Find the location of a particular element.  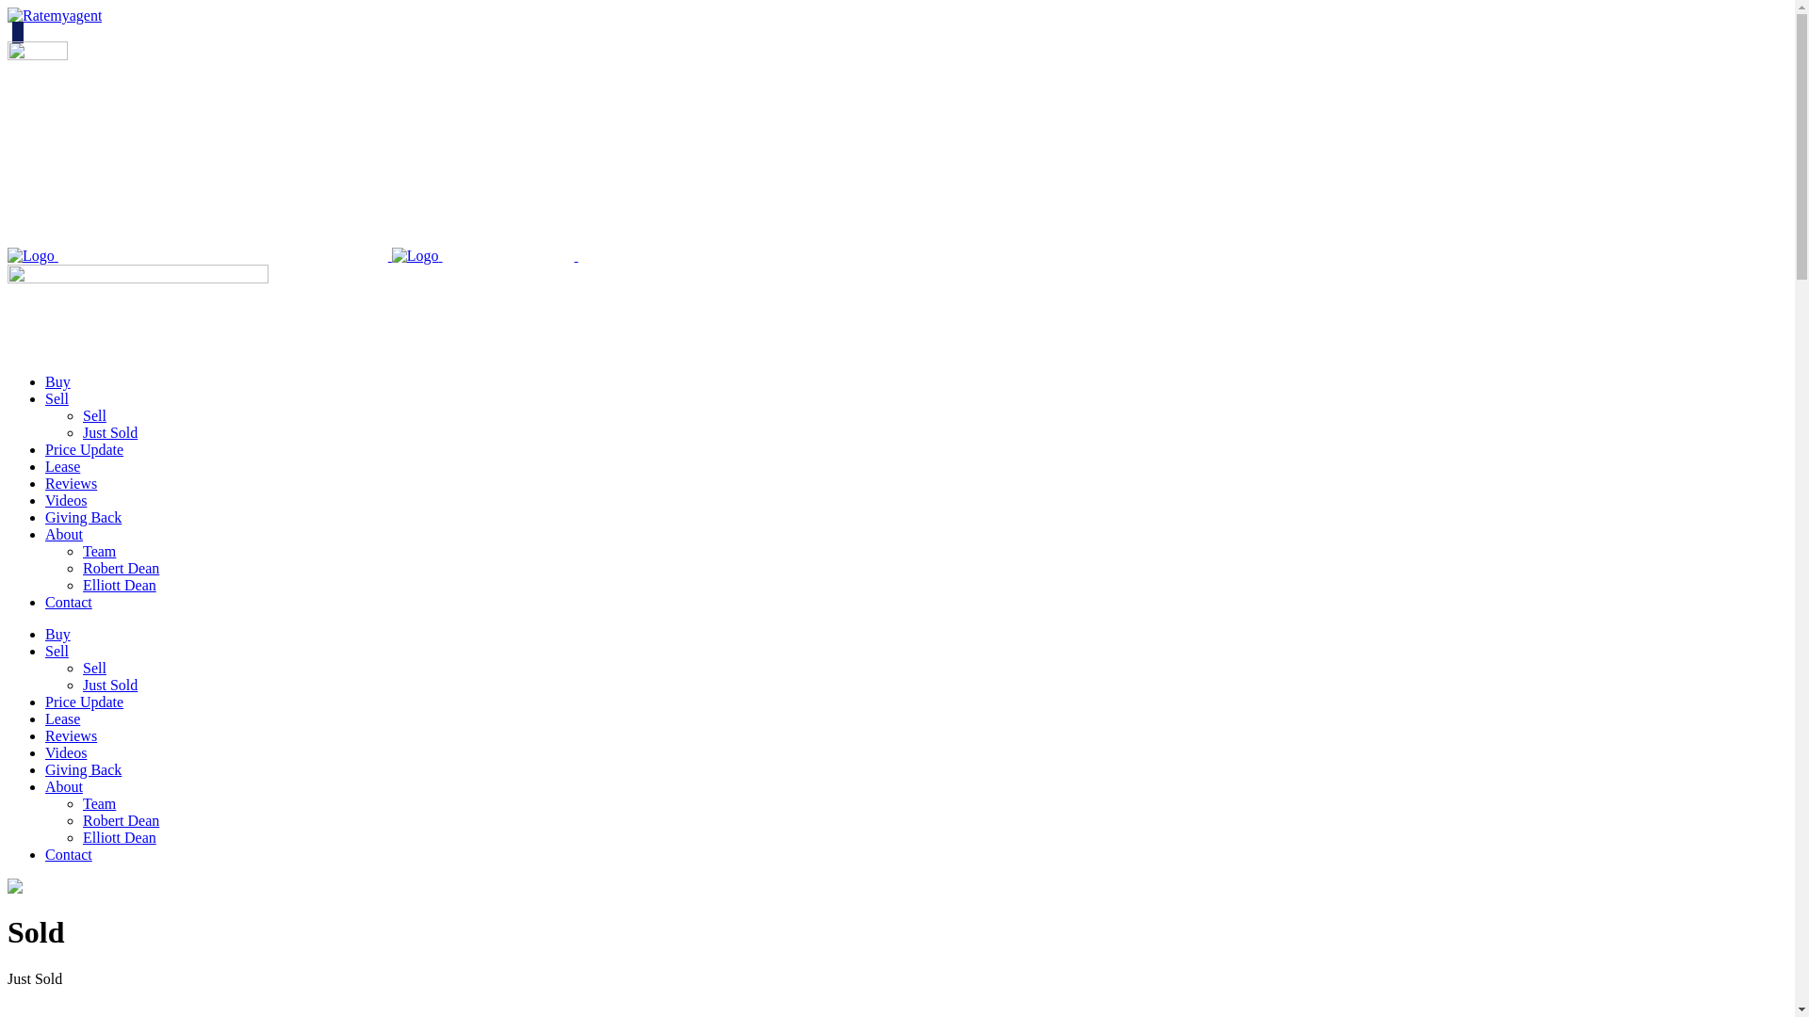

'Robert Dean' is located at coordinates (120, 819).